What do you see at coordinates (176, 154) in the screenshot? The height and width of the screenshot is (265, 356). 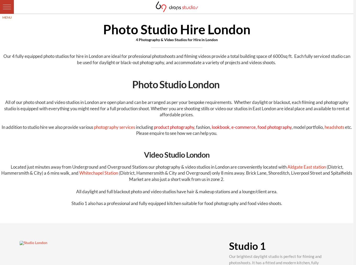 I see `'Video Studio London'` at bounding box center [176, 154].